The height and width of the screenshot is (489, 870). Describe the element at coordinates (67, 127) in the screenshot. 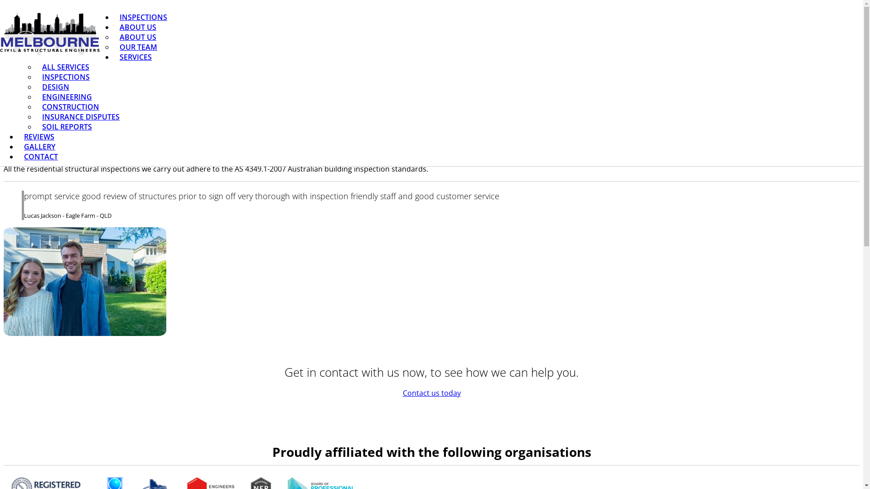

I see `'SOIL REPORTS'` at that location.